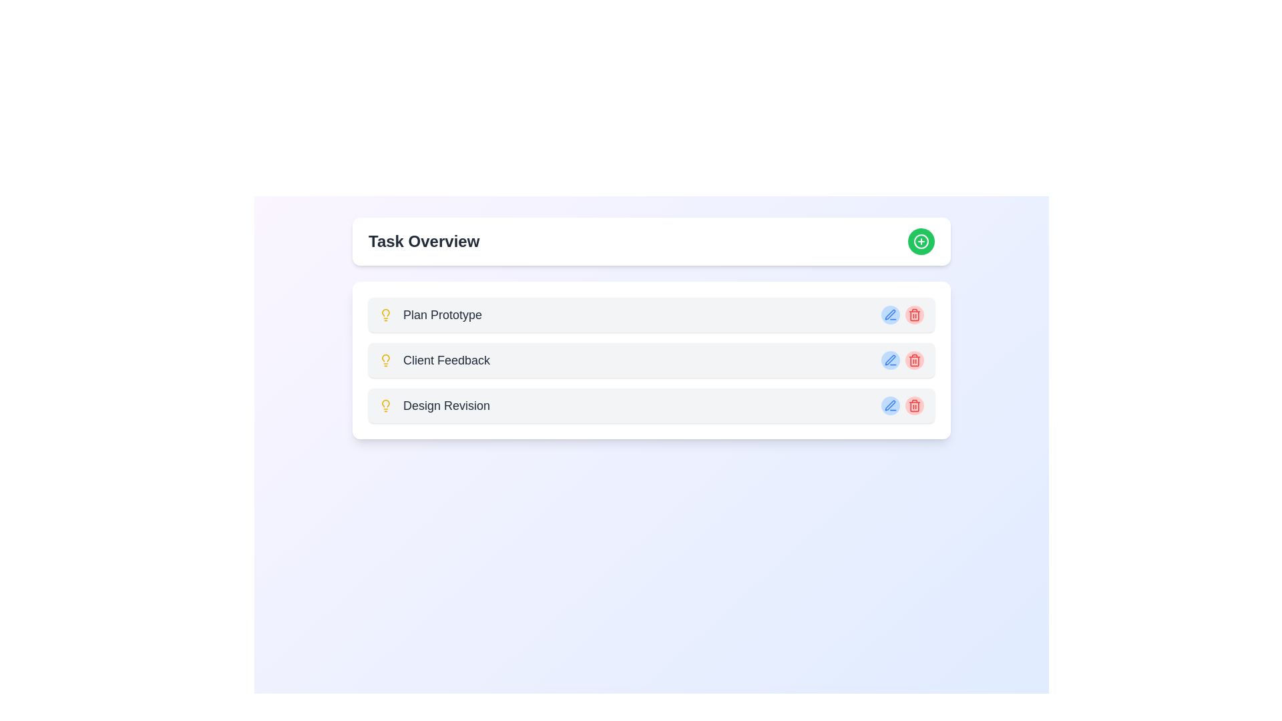 Image resolution: width=1282 pixels, height=721 pixels. Describe the element at coordinates (913, 316) in the screenshot. I see `the red trash can icon representing the delete function located at the end of the second task row labeled 'Client Feedback'` at that location.